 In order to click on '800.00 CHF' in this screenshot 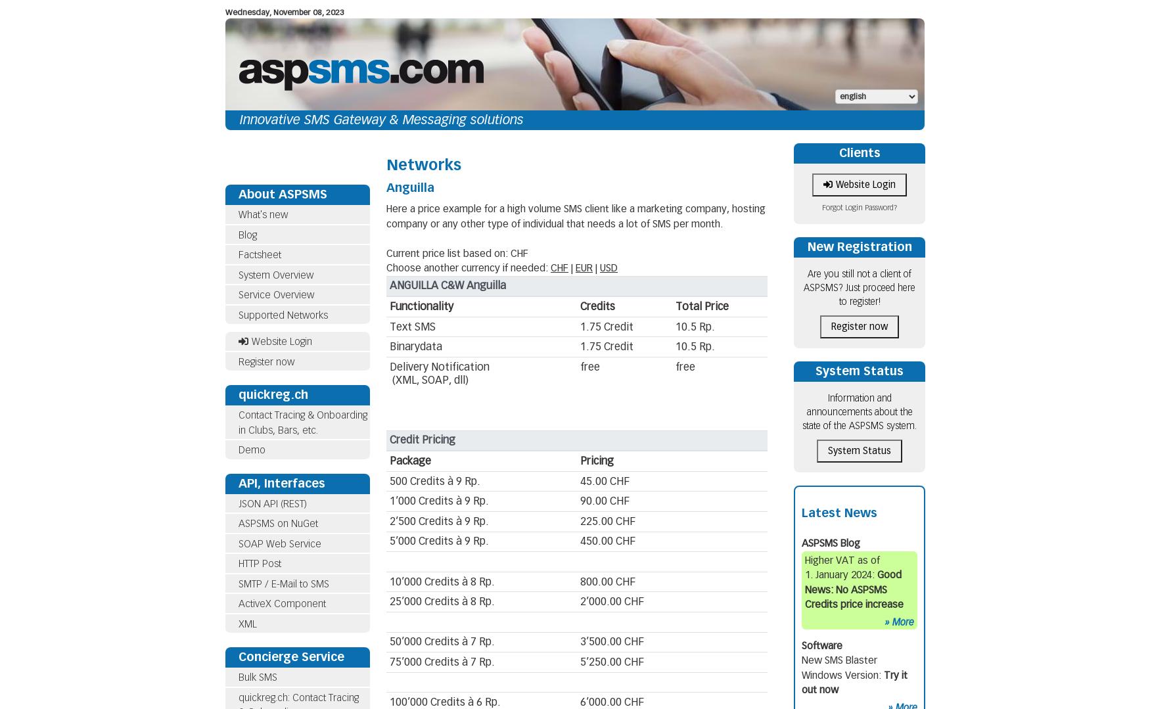, I will do `click(607, 580)`.